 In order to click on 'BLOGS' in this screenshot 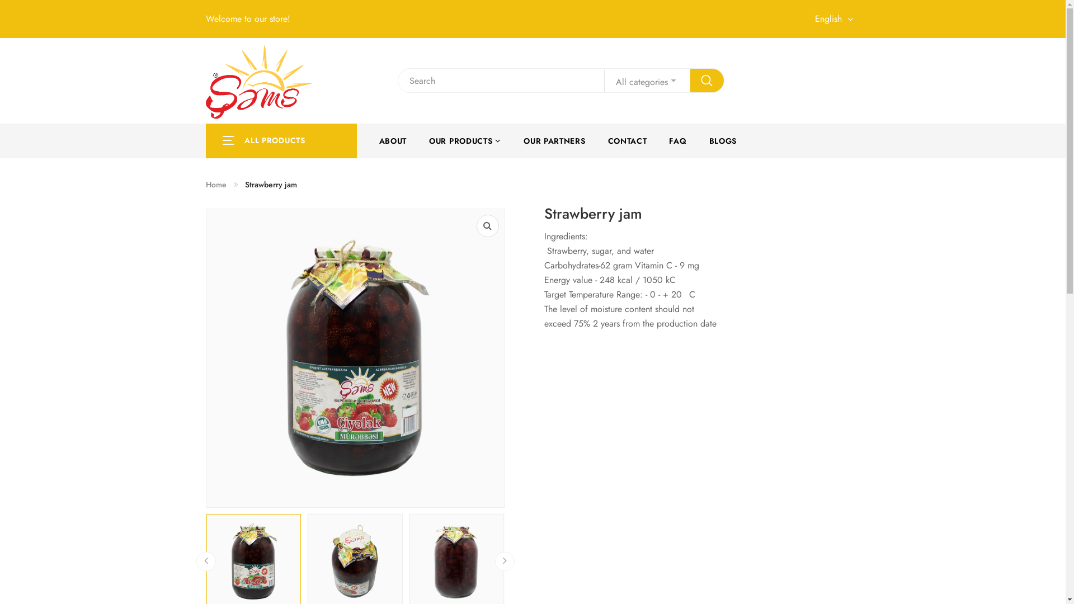, I will do `click(723, 140)`.